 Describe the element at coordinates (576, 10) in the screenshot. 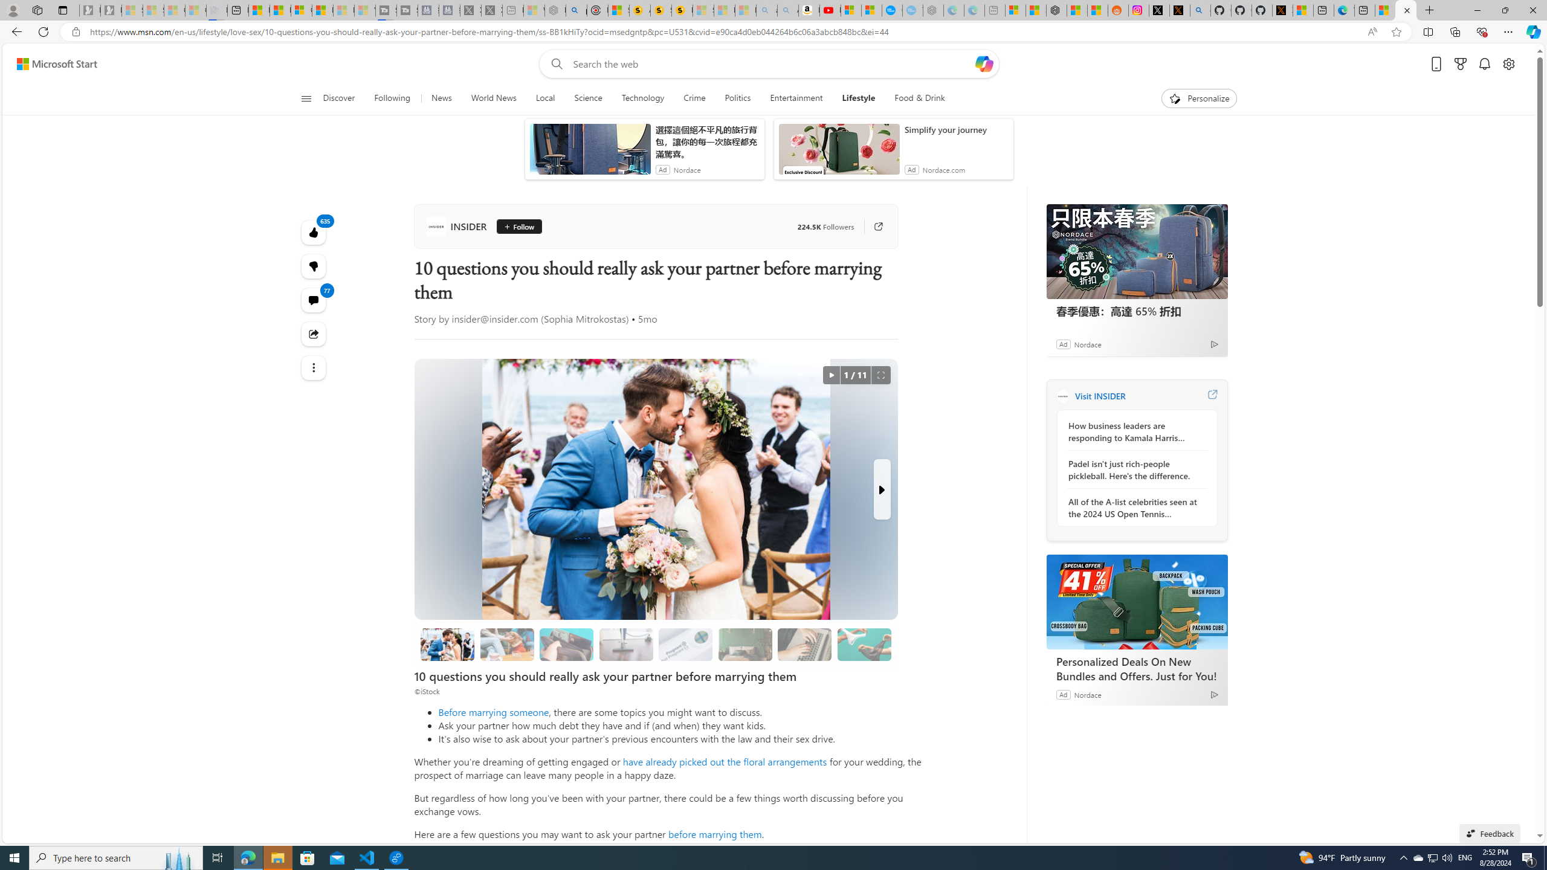

I see `'poe - Search'` at that location.